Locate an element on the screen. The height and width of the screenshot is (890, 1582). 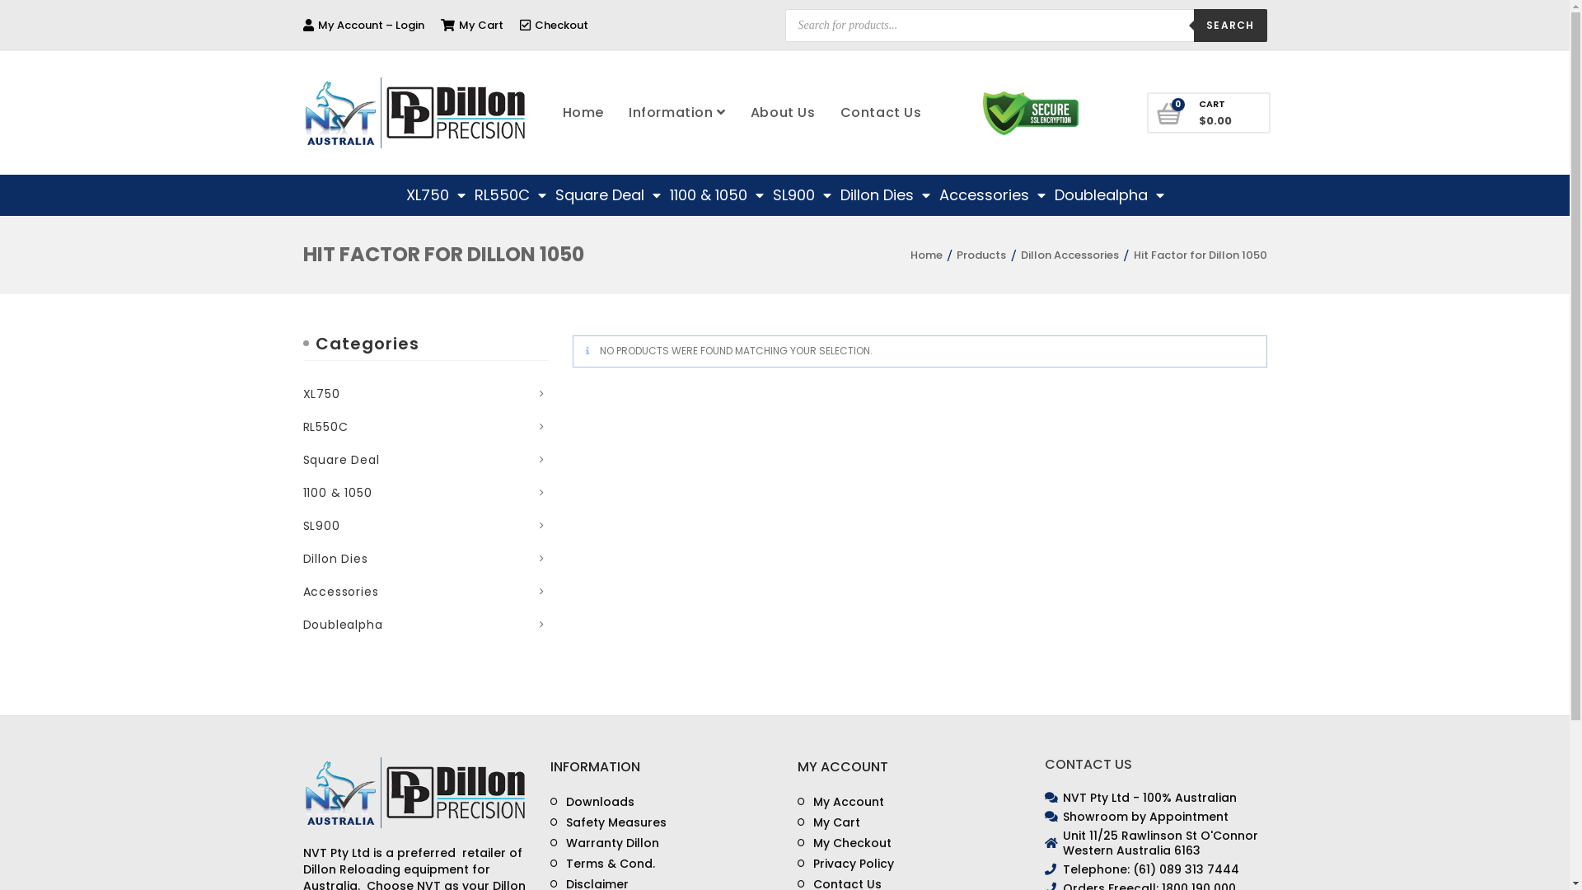
'Downloads' is located at coordinates (592, 801).